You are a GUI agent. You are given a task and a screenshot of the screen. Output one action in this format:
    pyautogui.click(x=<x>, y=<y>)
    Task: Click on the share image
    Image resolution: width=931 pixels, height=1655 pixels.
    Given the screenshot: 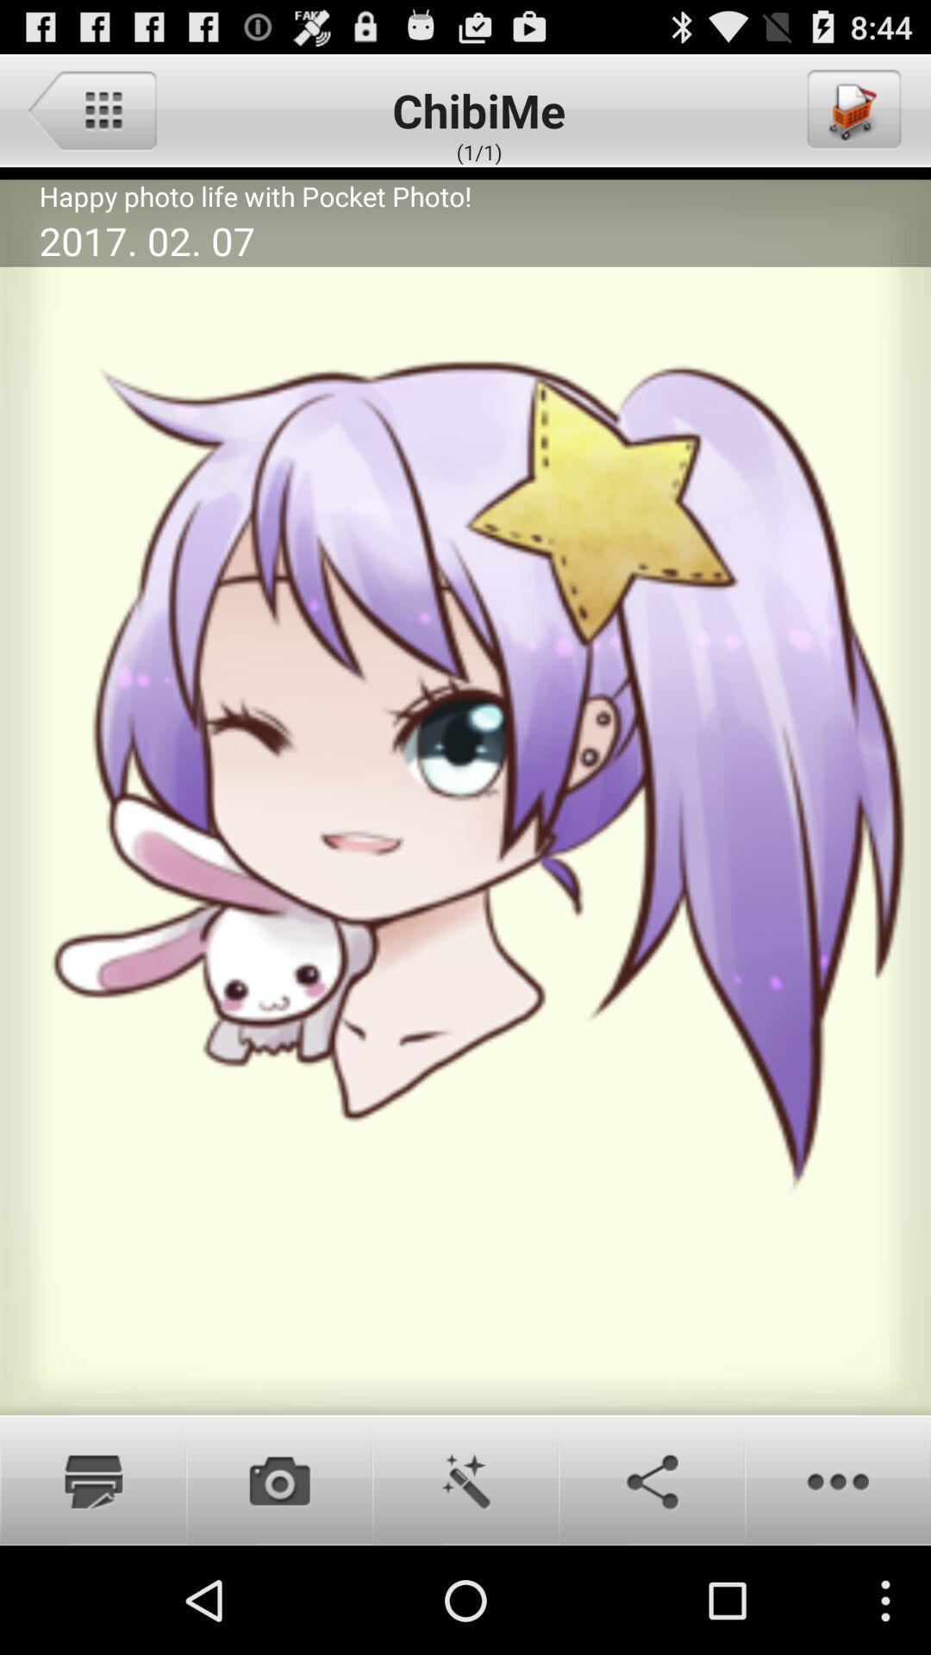 What is the action you would take?
    pyautogui.click(x=652, y=1479)
    